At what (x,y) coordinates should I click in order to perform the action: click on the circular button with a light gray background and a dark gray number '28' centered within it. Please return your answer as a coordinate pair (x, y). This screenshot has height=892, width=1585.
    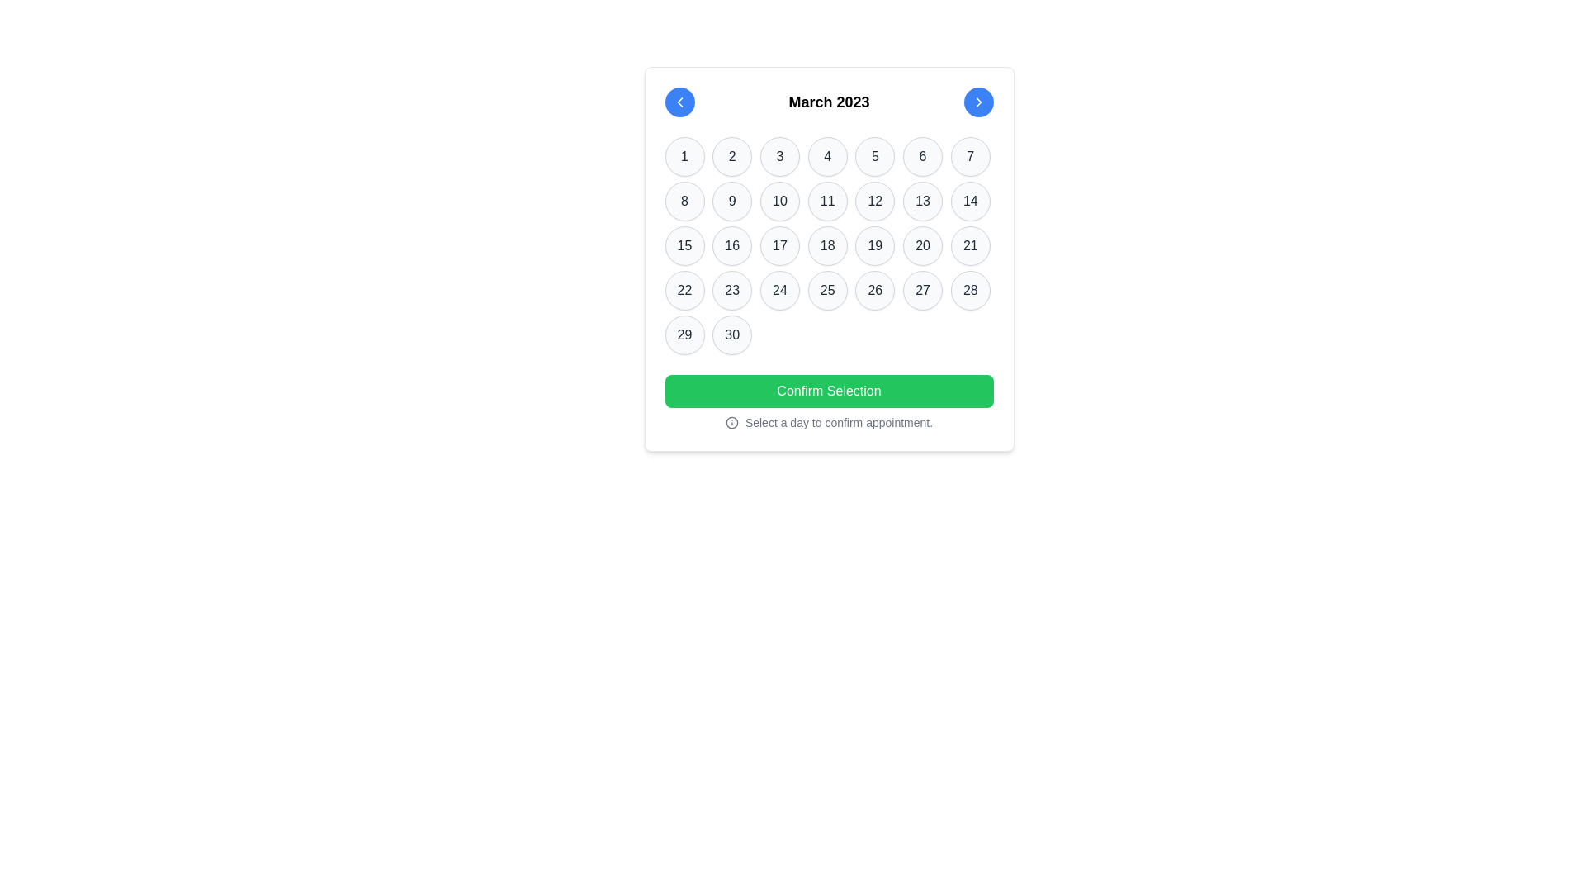
    Looking at the image, I should click on (970, 289).